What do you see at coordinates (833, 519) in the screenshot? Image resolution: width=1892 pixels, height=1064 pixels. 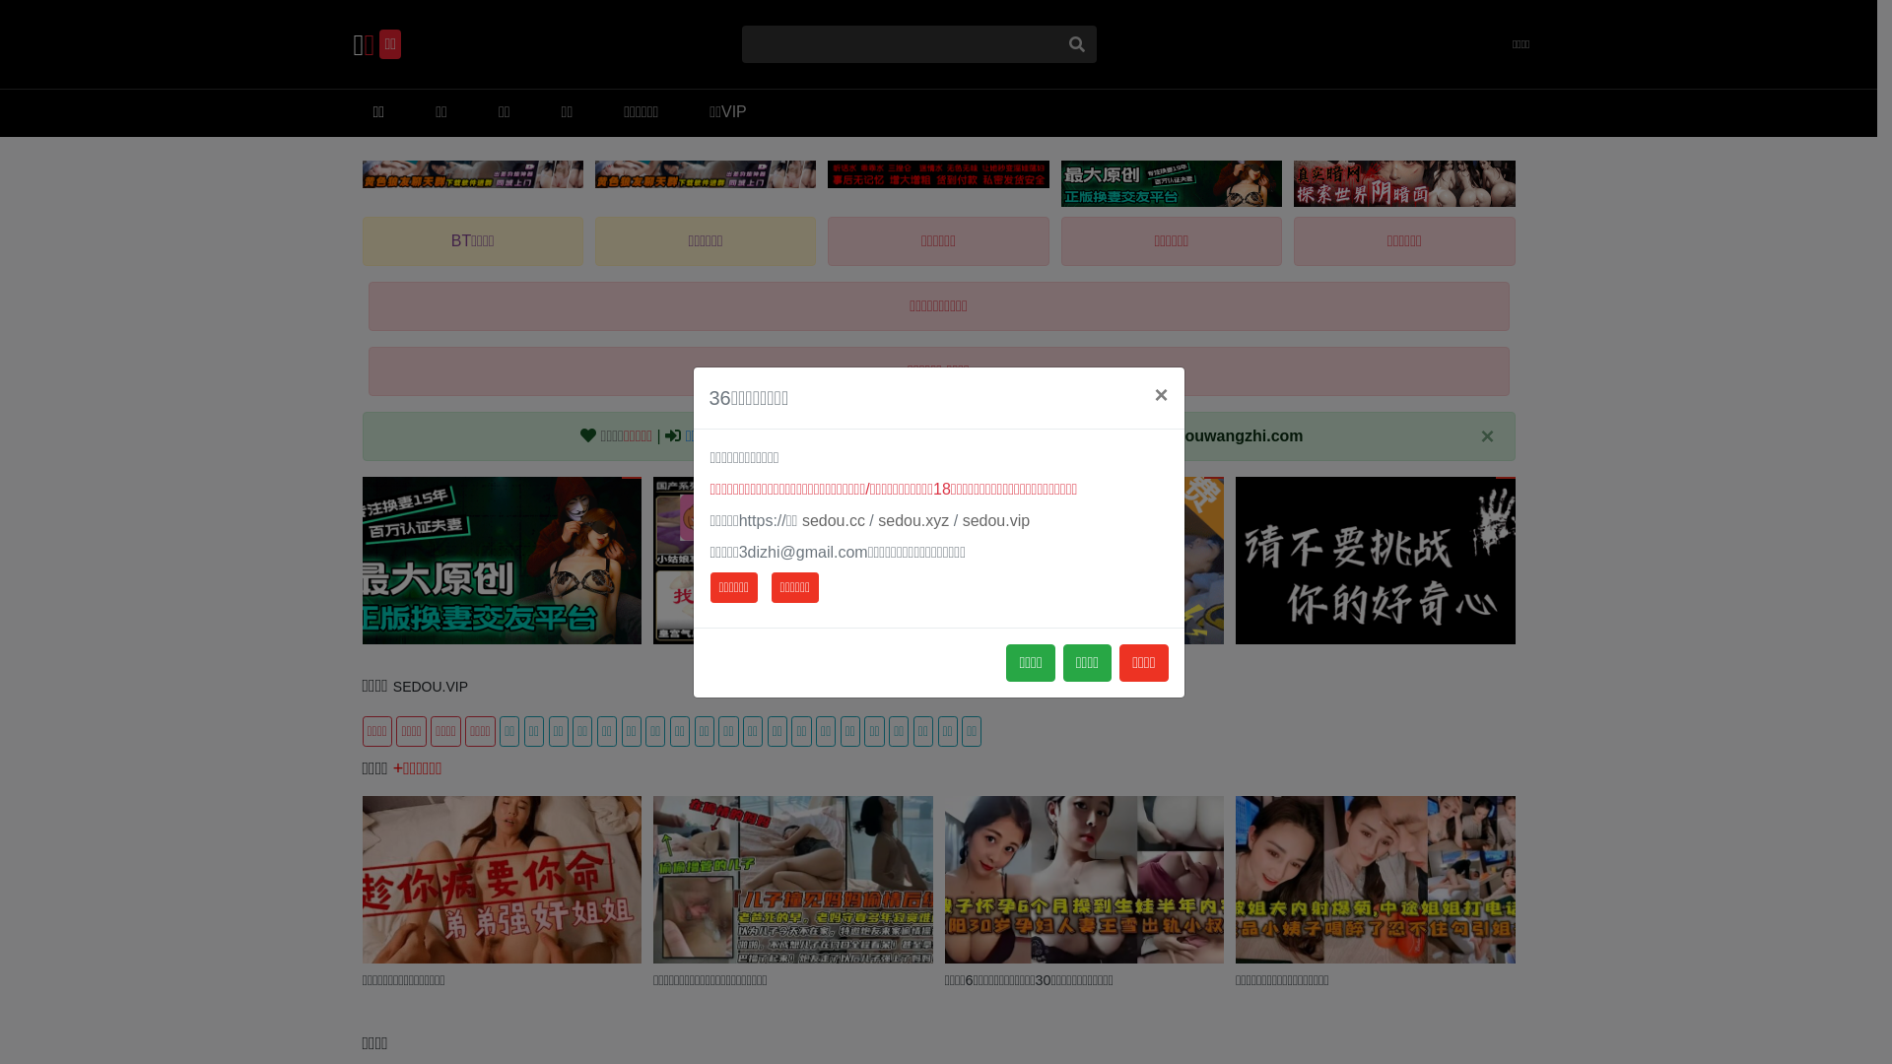 I see `'sedou.cc'` at bounding box center [833, 519].